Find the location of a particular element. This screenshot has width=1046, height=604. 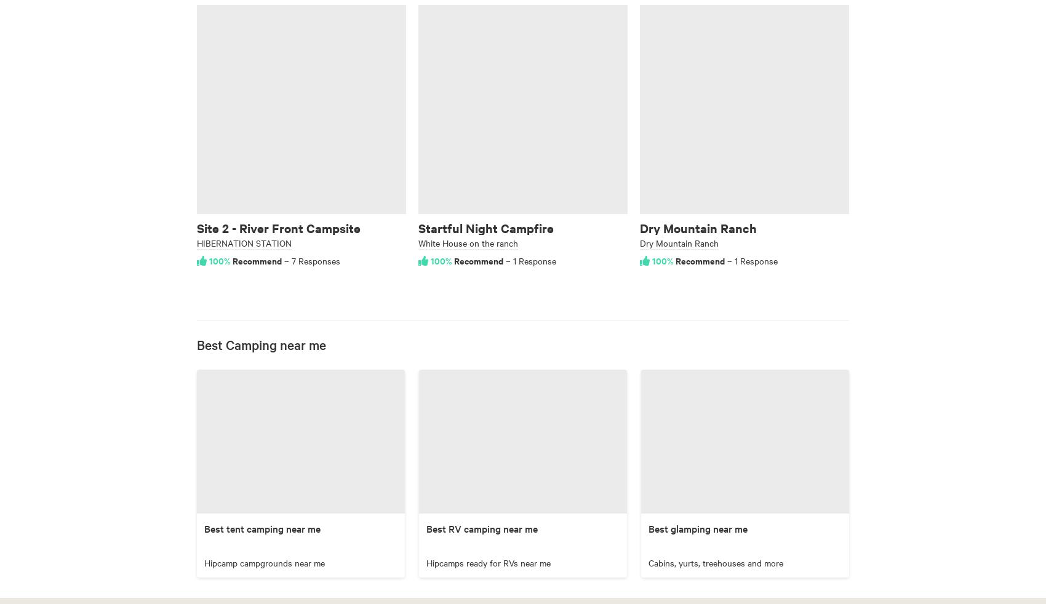

'Startful Night Campfire' is located at coordinates (485, 228).